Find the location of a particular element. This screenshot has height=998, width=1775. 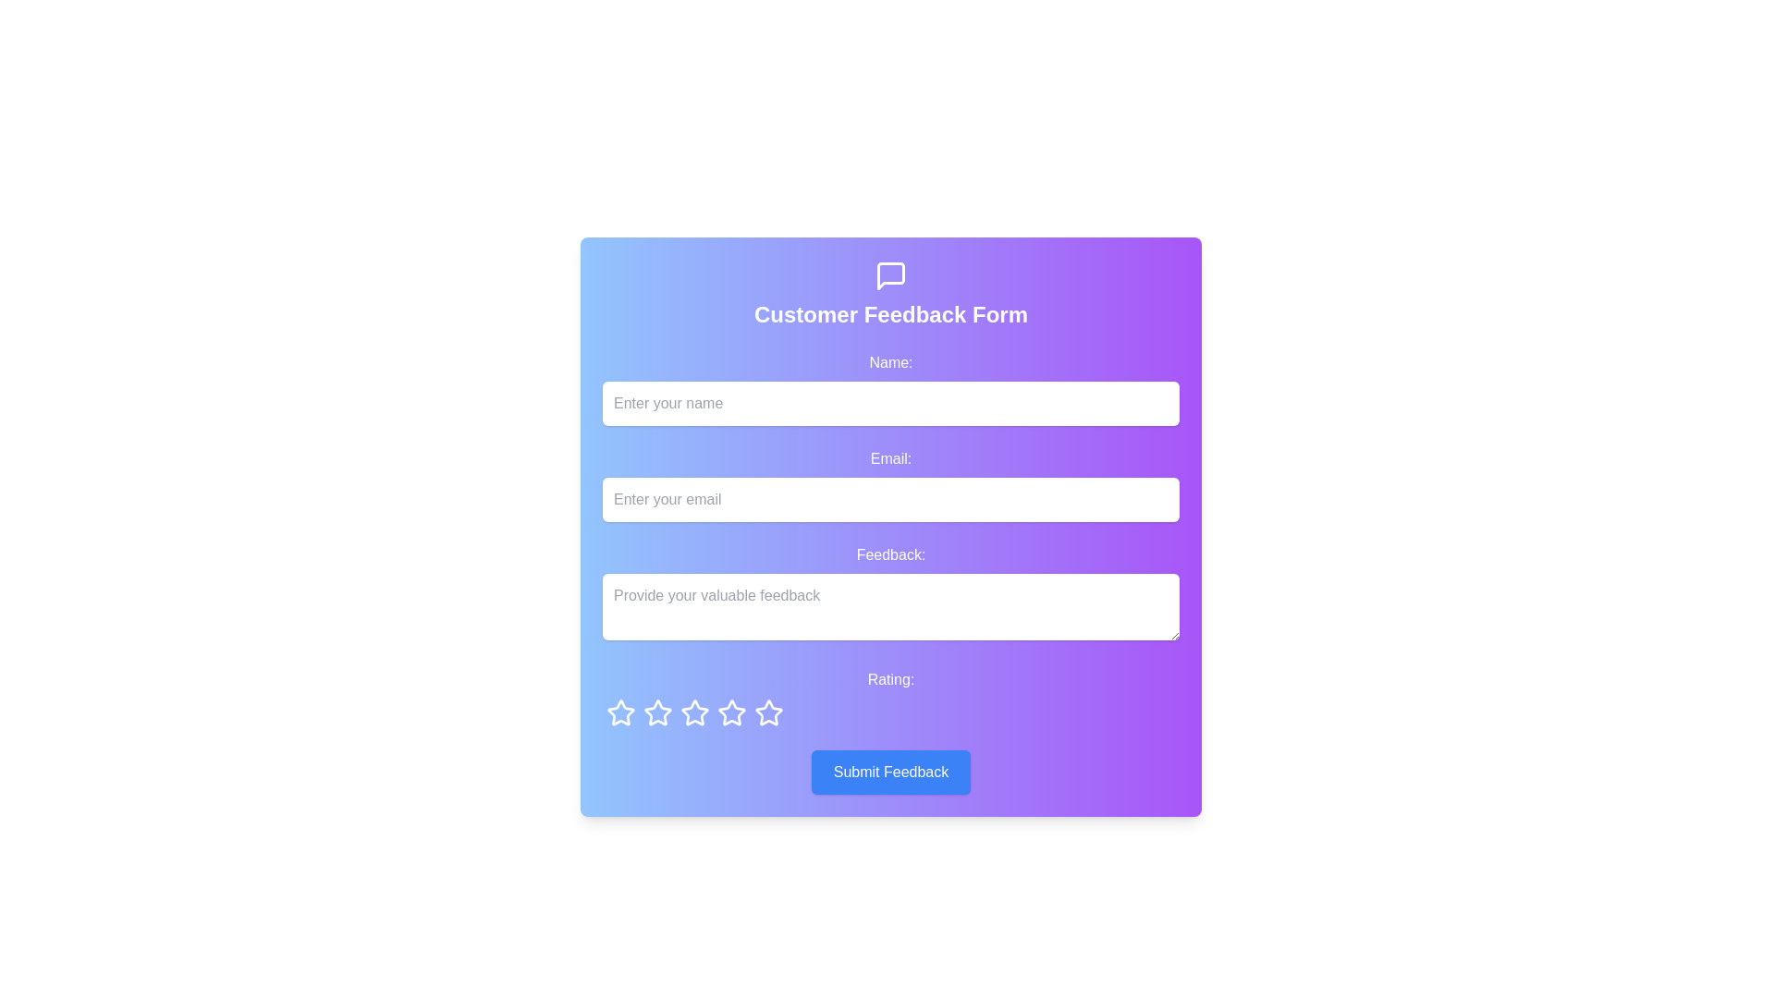

the speech bubble icon, which has a colored border and no fill, positioned above the feedback form's title is located at coordinates (891, 276).